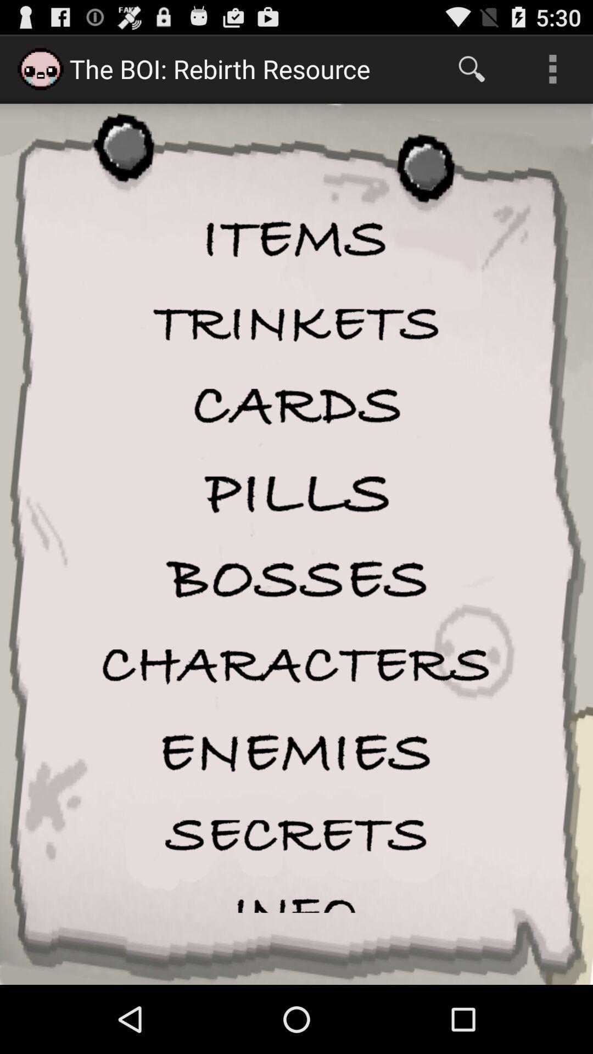  Describe the element at coordinates (296, 665) in the screenshot. I see `characters page` at that location.